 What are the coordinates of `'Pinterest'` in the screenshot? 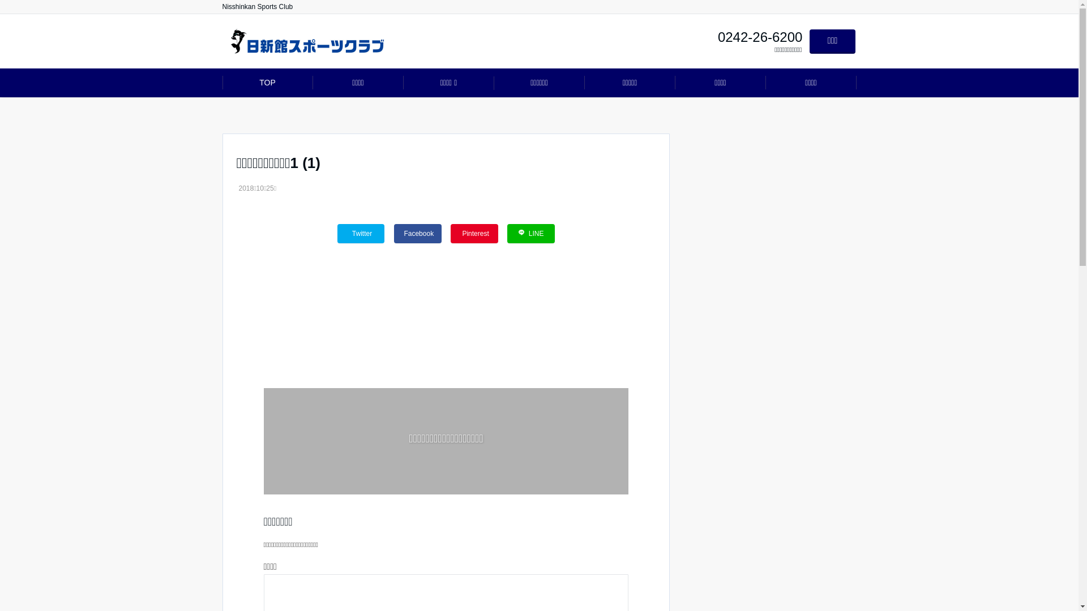 It's located at (474, 233).